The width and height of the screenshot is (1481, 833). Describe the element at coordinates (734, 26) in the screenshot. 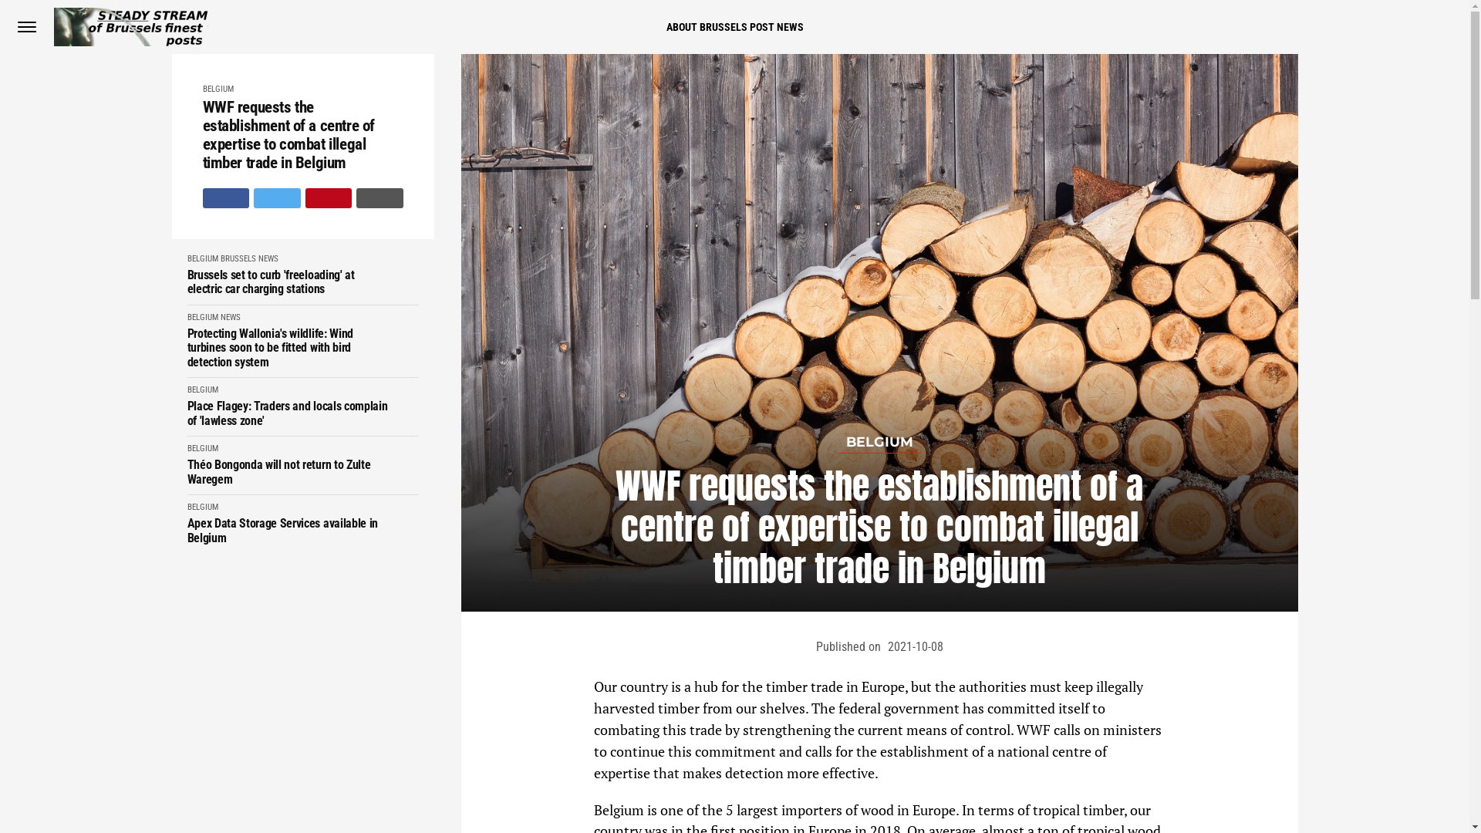

I see `'ABOUT BRUSSELS POST NEWS'` at that location.